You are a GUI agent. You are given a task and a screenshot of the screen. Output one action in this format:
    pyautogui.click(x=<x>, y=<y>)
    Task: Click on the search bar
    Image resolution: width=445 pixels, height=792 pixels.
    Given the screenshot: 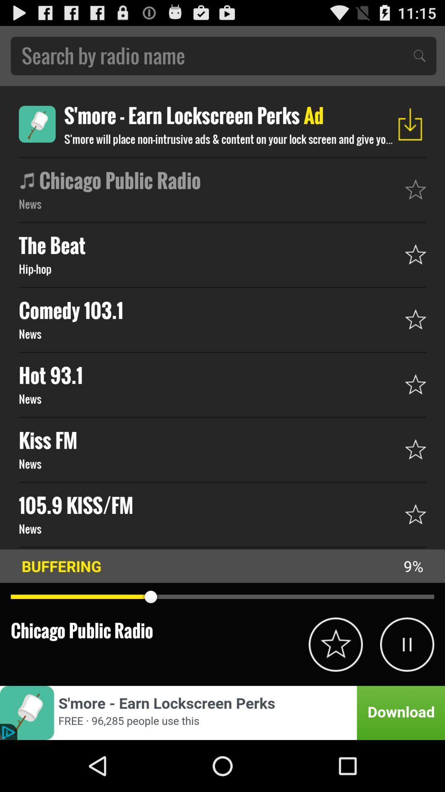 What is the action you would take?
    pyautogui.click(x=223, y=55)
    